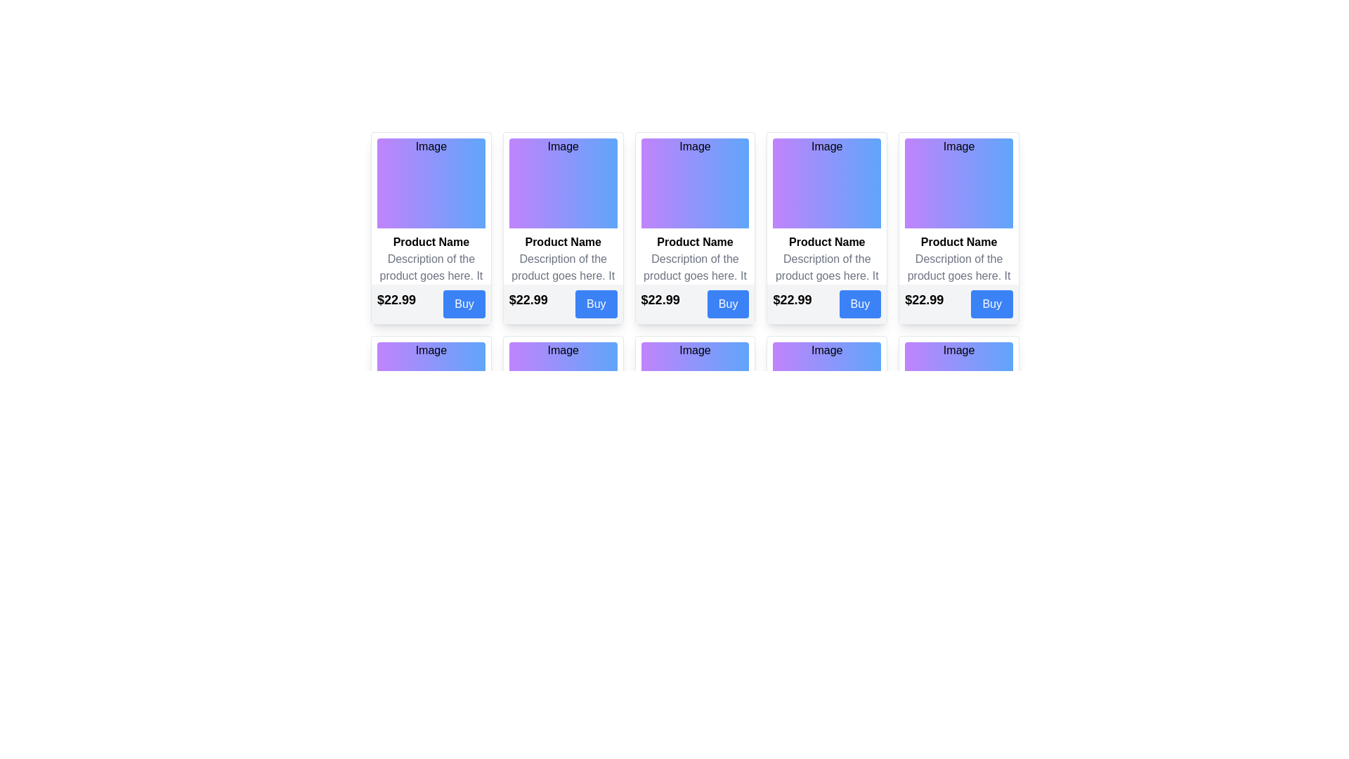 This screenshot has width=1349, height=759. Describe the element at coordinates (563, 227) in the screenshot. I see `product description from the Product Card, which is the second card from the left in the first row of the grid layout` at that location.